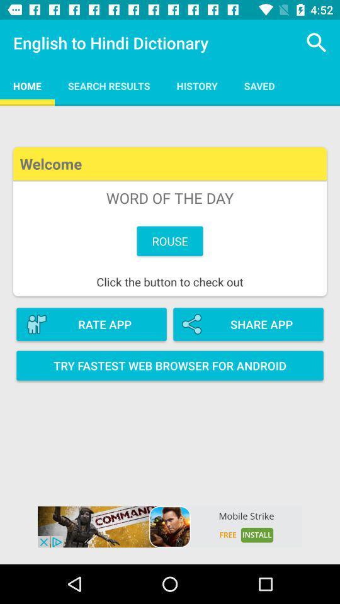 This screenshot has height=604, width=340. I want to click on the text saved, so click(259, 85).